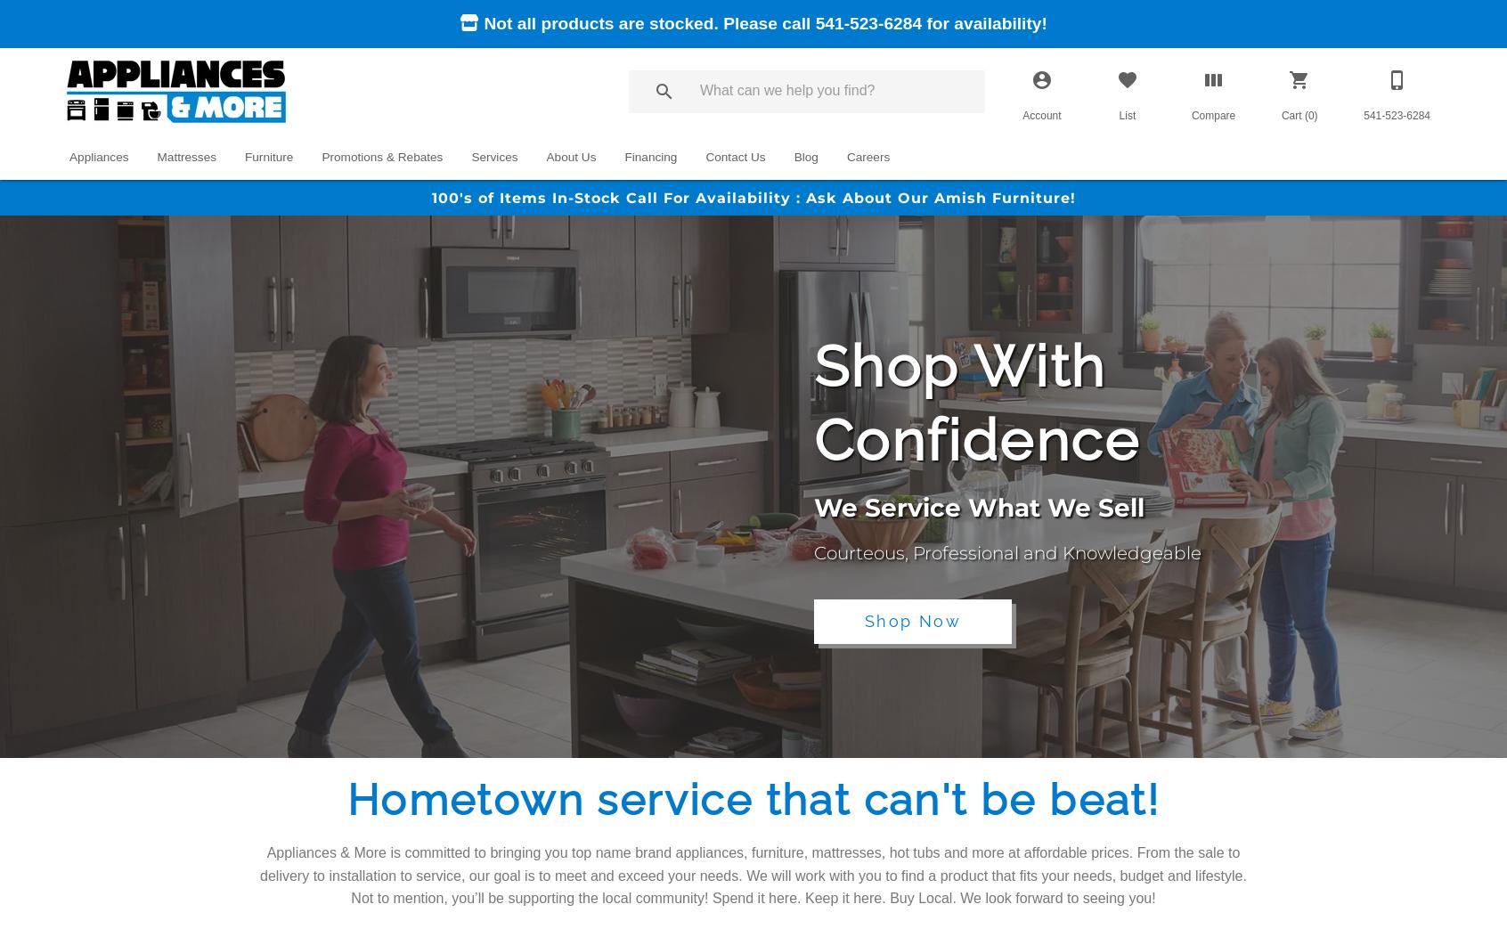 This screenshot has width=1507, height=937. I want to click on 'Blog', so click(804, 155).